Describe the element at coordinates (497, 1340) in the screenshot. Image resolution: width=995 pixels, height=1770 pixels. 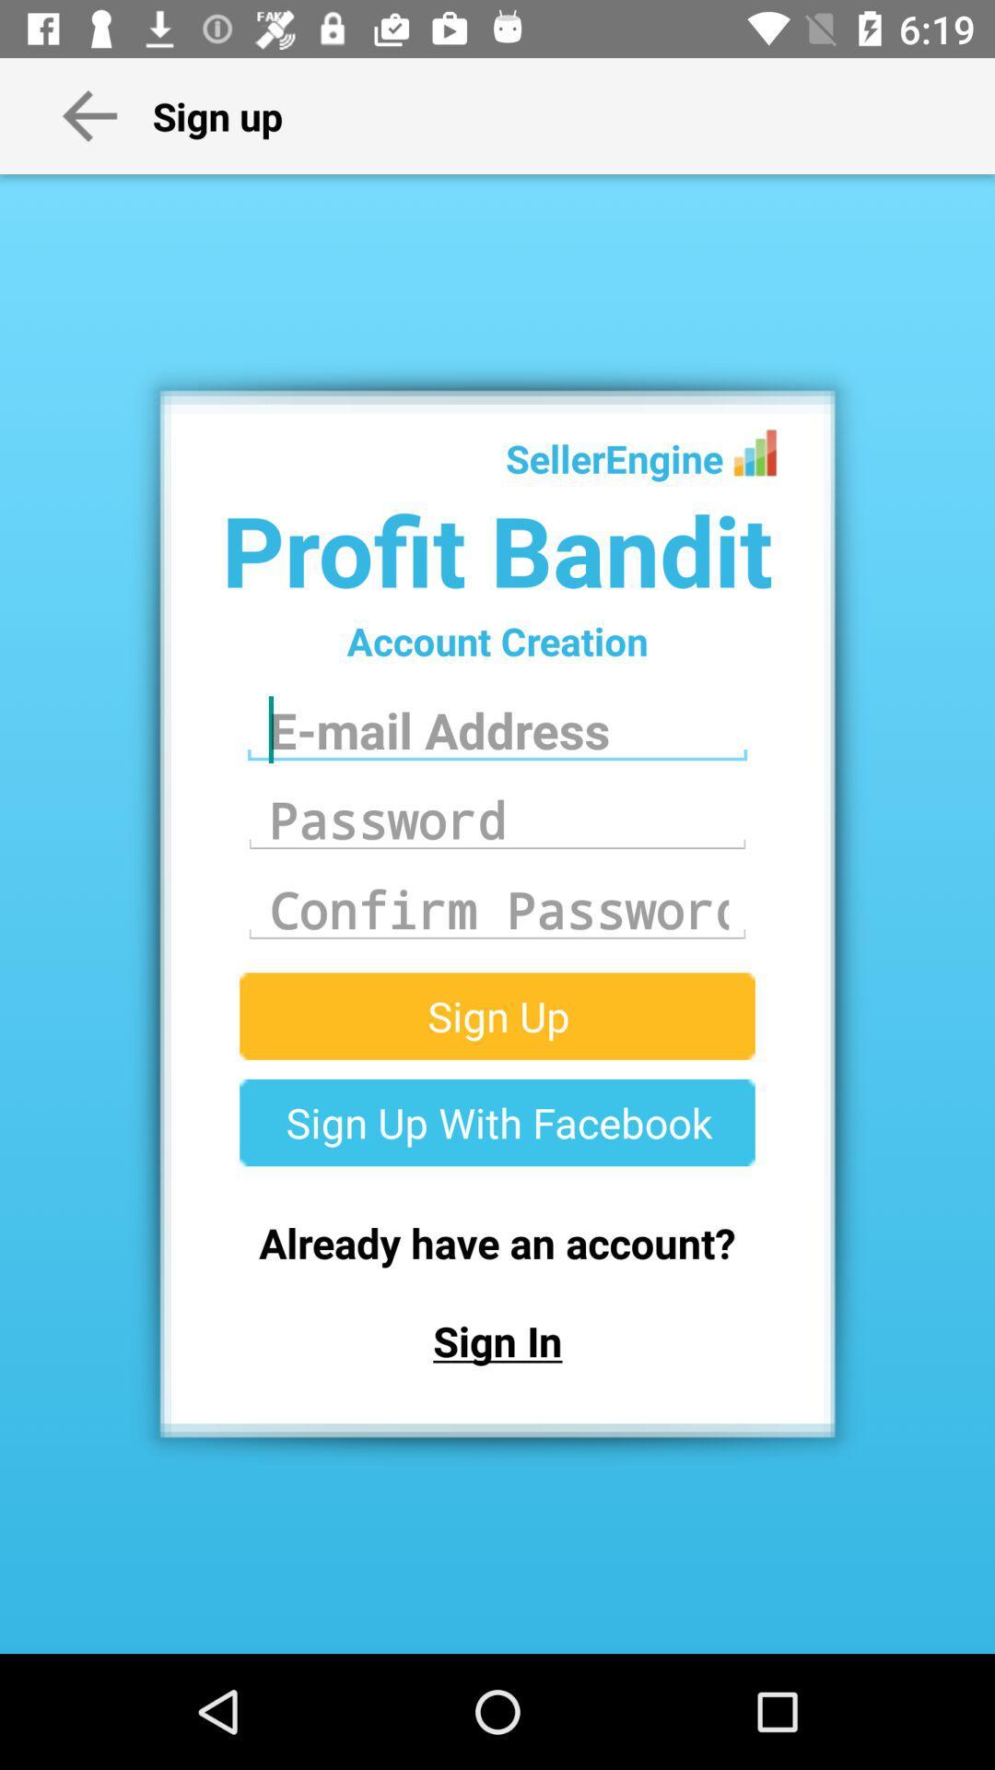
I see `sign in` at that location.